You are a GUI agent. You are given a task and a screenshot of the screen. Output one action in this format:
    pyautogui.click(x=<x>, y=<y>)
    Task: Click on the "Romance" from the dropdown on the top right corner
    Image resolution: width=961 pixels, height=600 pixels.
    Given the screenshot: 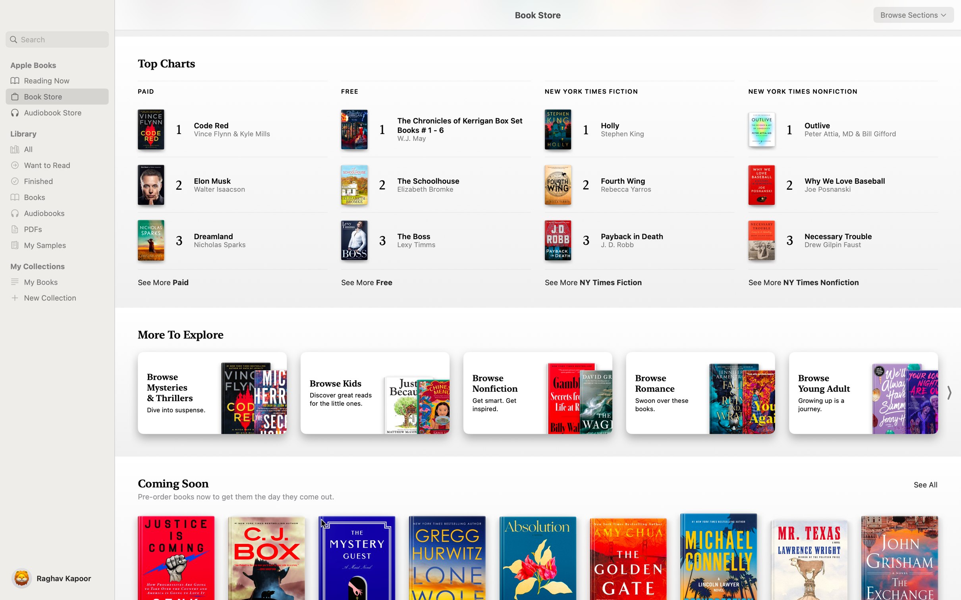 What is the action you would take?
    pyautogui.click(x=913, y=15)
    